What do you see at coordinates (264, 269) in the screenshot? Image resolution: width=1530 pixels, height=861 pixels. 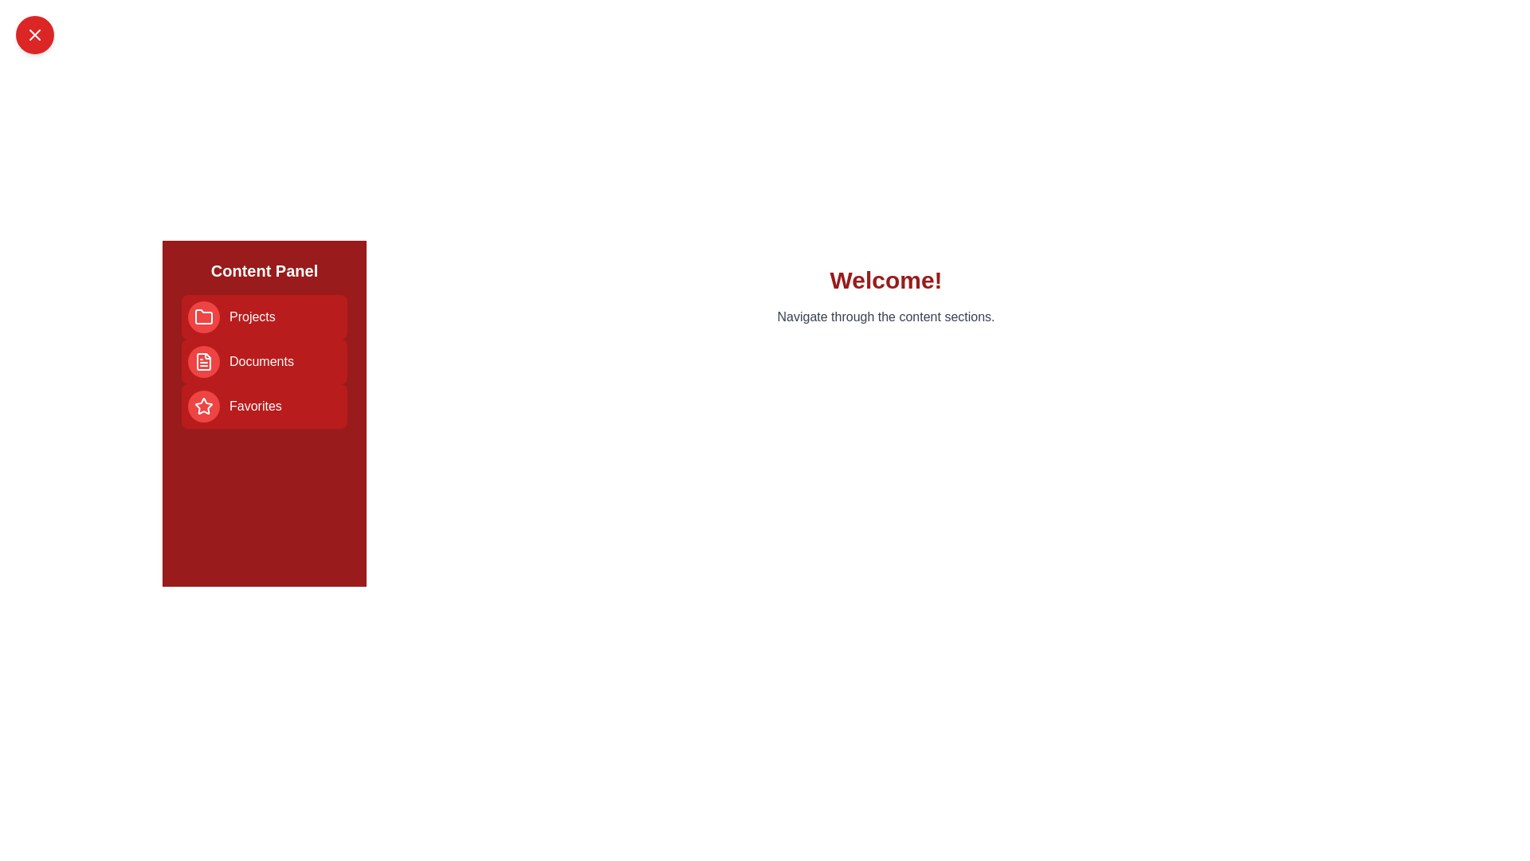 I see `the drawer label 'Content Panel'` at bounding box center [264, 269].